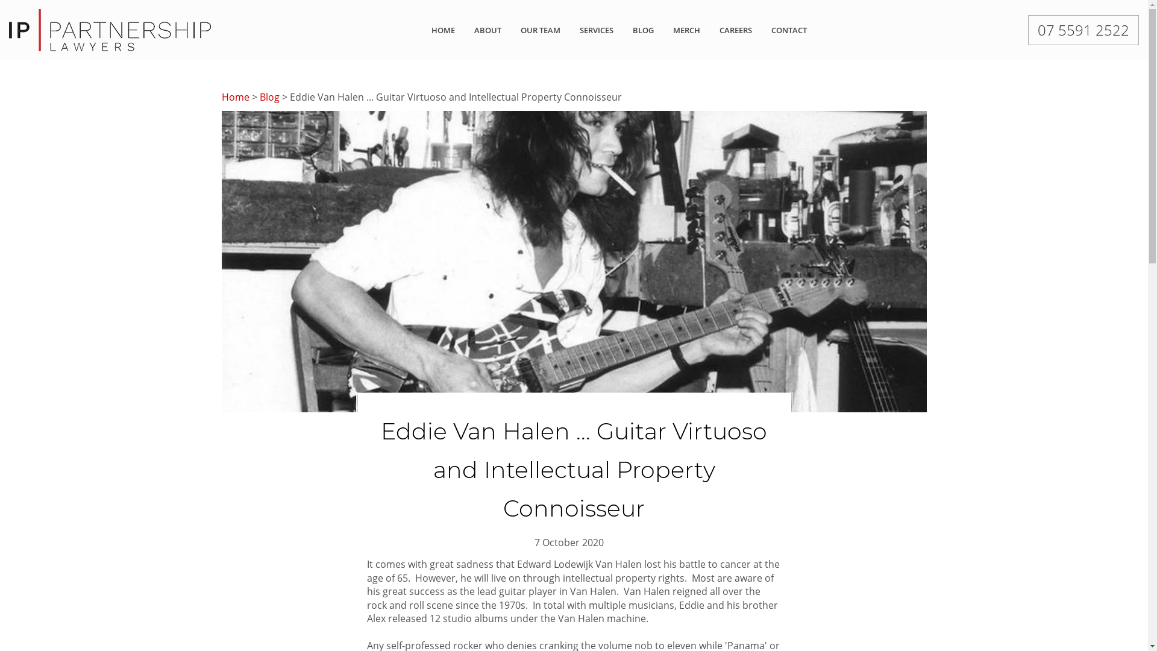  I want to click on 'MERCH', so click(686, 30).